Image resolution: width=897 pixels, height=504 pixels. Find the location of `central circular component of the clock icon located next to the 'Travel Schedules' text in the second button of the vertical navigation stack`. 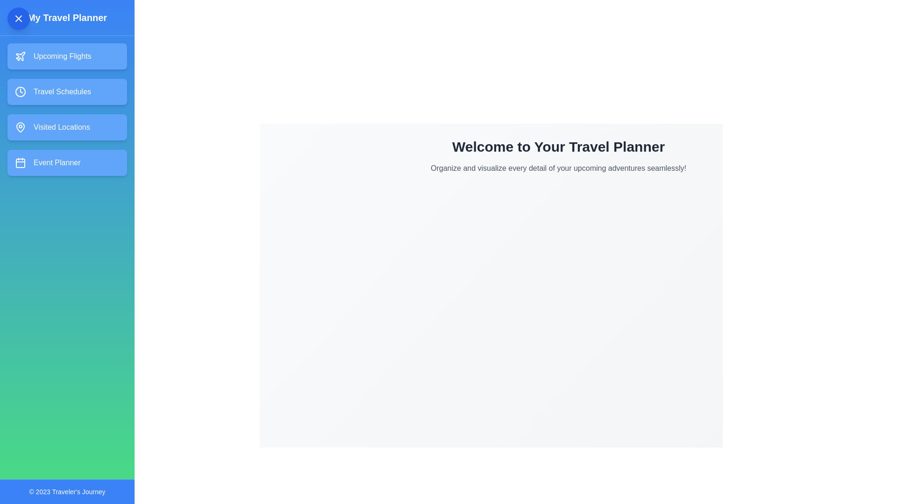

central circular component of the clock icon located next to the 'Travel Schedules' text in the second button of the vertical navigation stack is located at coordinates (20, 91).